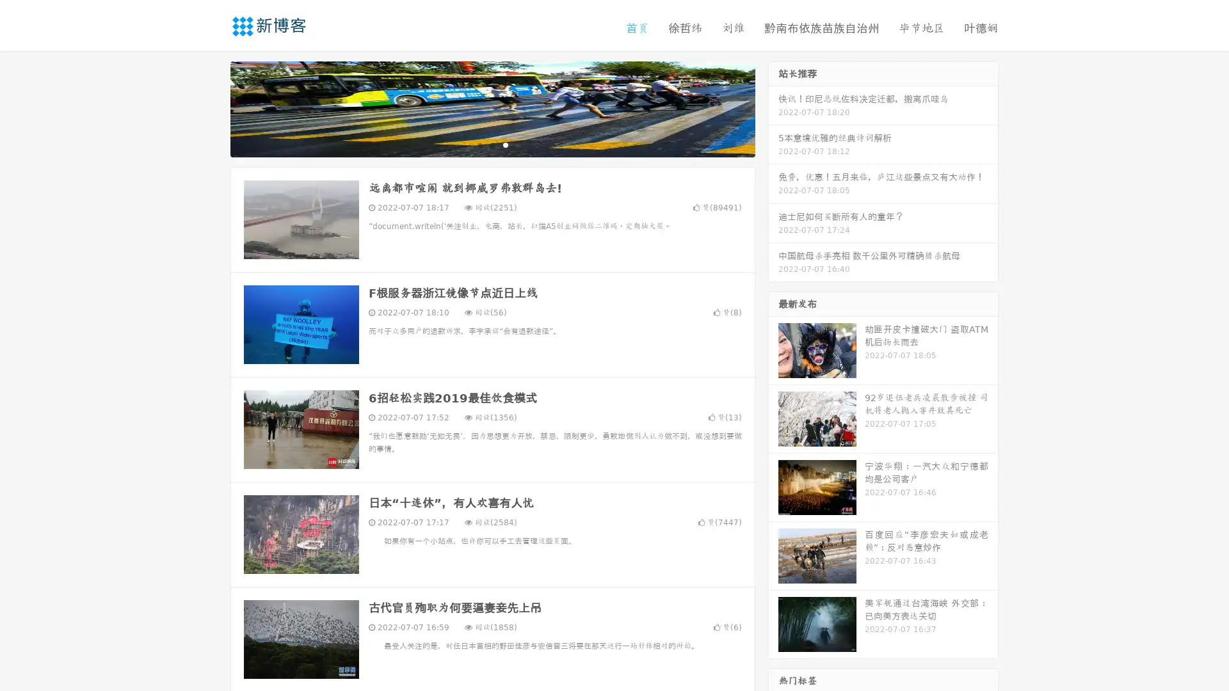 The height and width of the screenshot is (691, 1229). Describe the element at coordinates (492, 144) in the screenshot. I see `Go to slide 2` at that location.